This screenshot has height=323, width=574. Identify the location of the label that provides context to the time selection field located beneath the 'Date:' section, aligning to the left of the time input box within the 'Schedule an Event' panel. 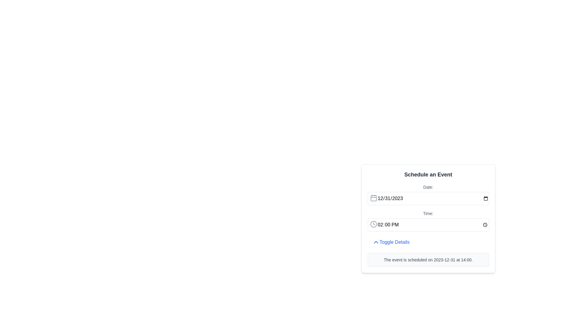
(428, 213).